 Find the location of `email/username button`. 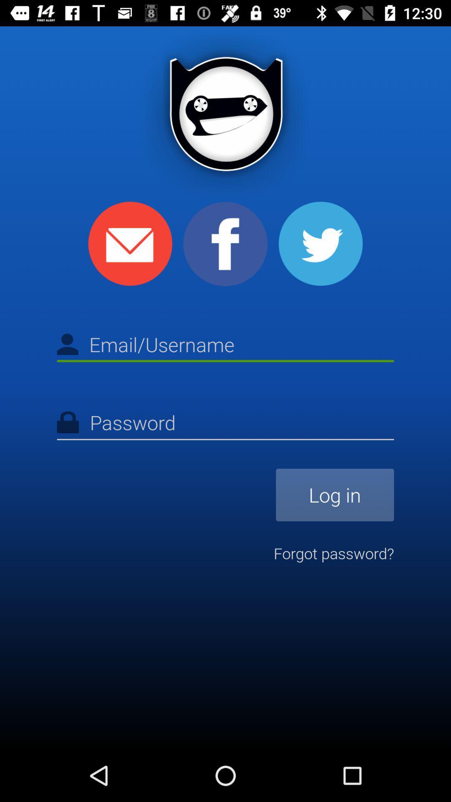

email/username button is located at coordinates (225, 346).